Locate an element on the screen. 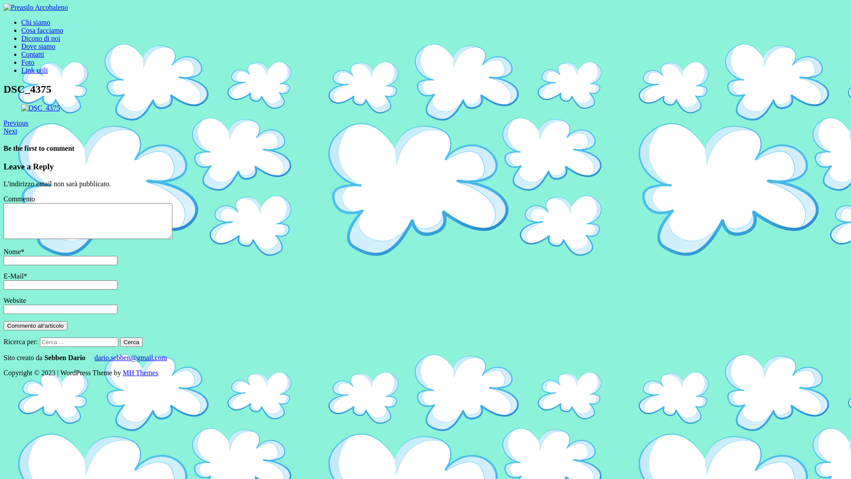 The image size is (851, 479). 'Next' is located at coordinates (10, 131).